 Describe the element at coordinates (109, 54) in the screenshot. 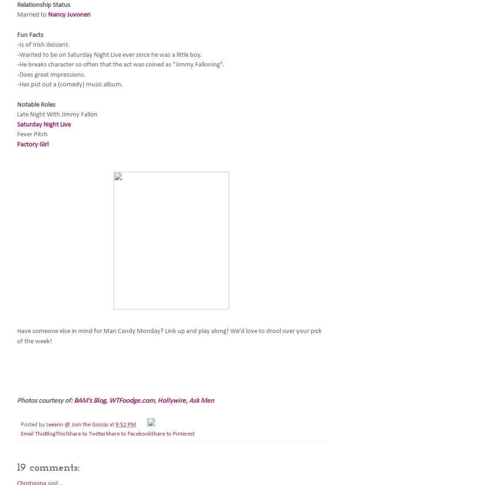

I see `'-Wanted to be on Saturday Night Live ever since he was a little boy.'` at that location.